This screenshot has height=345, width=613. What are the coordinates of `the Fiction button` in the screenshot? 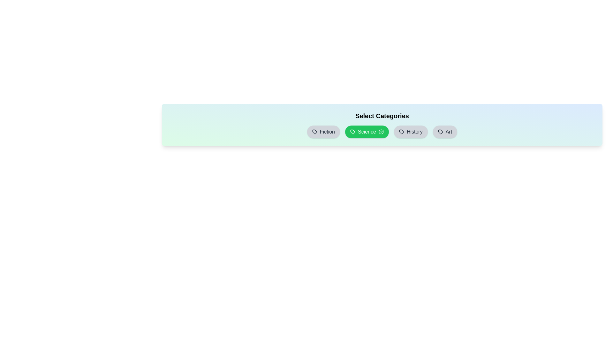 It's located at (323, 131).